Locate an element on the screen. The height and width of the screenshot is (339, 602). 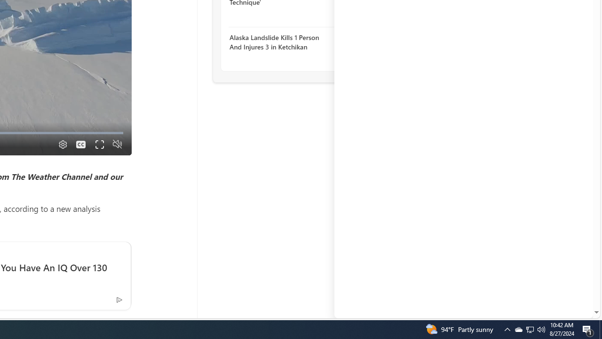
'Captions' is located at coordinates (80, 144).